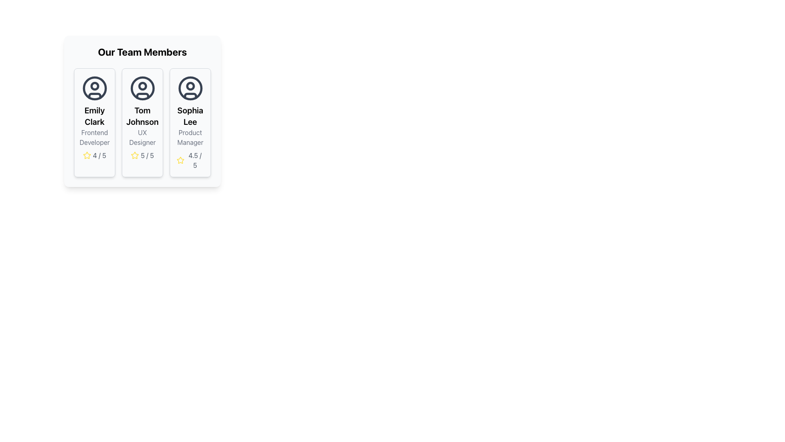 The image size is (785, 442). What do you see at coordinates (94, 86) in the screenshot?
I see `the small circular shape representing the head of the user 'Emily Clark' within the user profile icon` at bounding box center [94, 86].